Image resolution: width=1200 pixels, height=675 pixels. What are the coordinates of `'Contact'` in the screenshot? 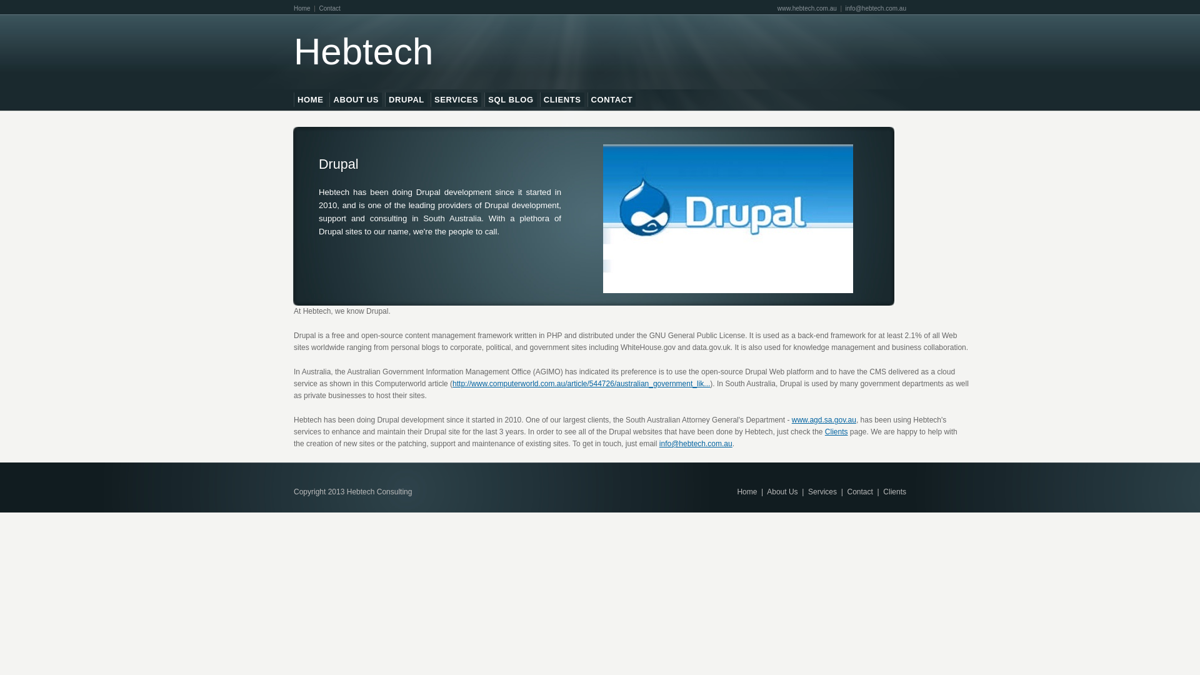 It's located at (859, 491).